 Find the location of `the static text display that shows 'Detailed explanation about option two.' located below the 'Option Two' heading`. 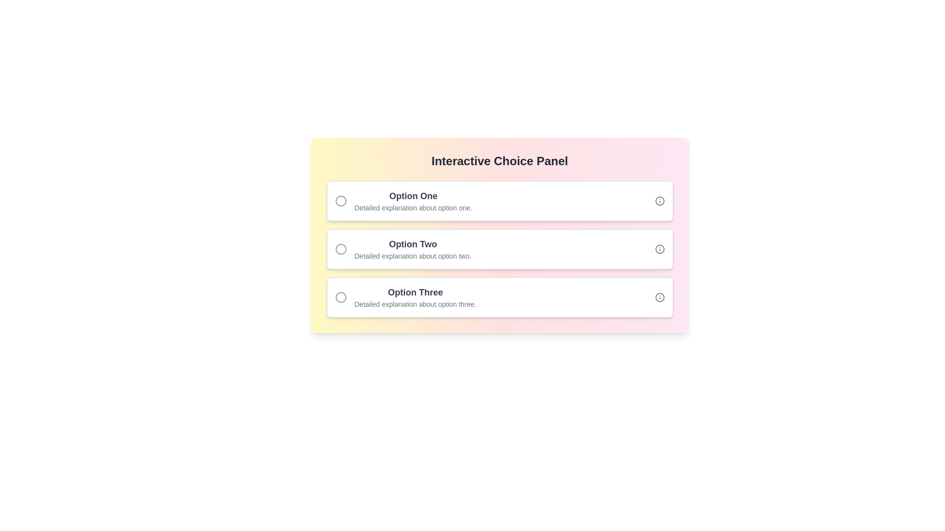

the static text display that shows 'Detailed explanation about option two.' located below the 'Option Two' heading is located at coordinates (413, 255).